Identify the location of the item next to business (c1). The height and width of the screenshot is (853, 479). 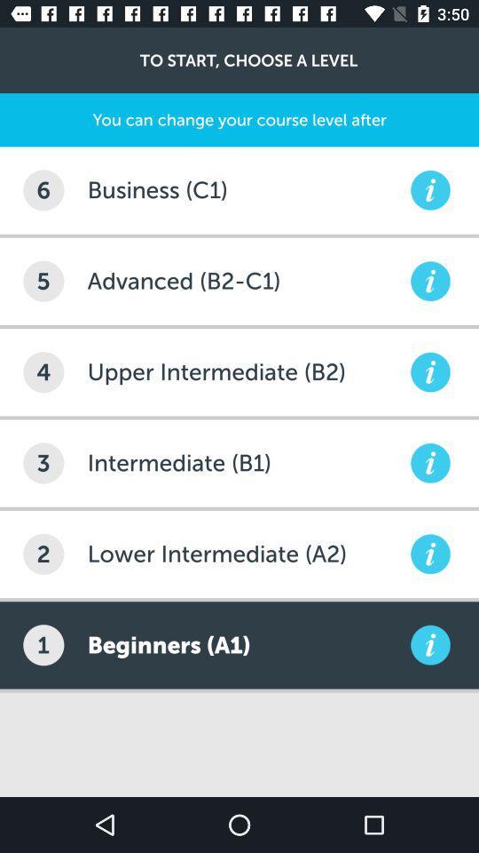
(43, 190).